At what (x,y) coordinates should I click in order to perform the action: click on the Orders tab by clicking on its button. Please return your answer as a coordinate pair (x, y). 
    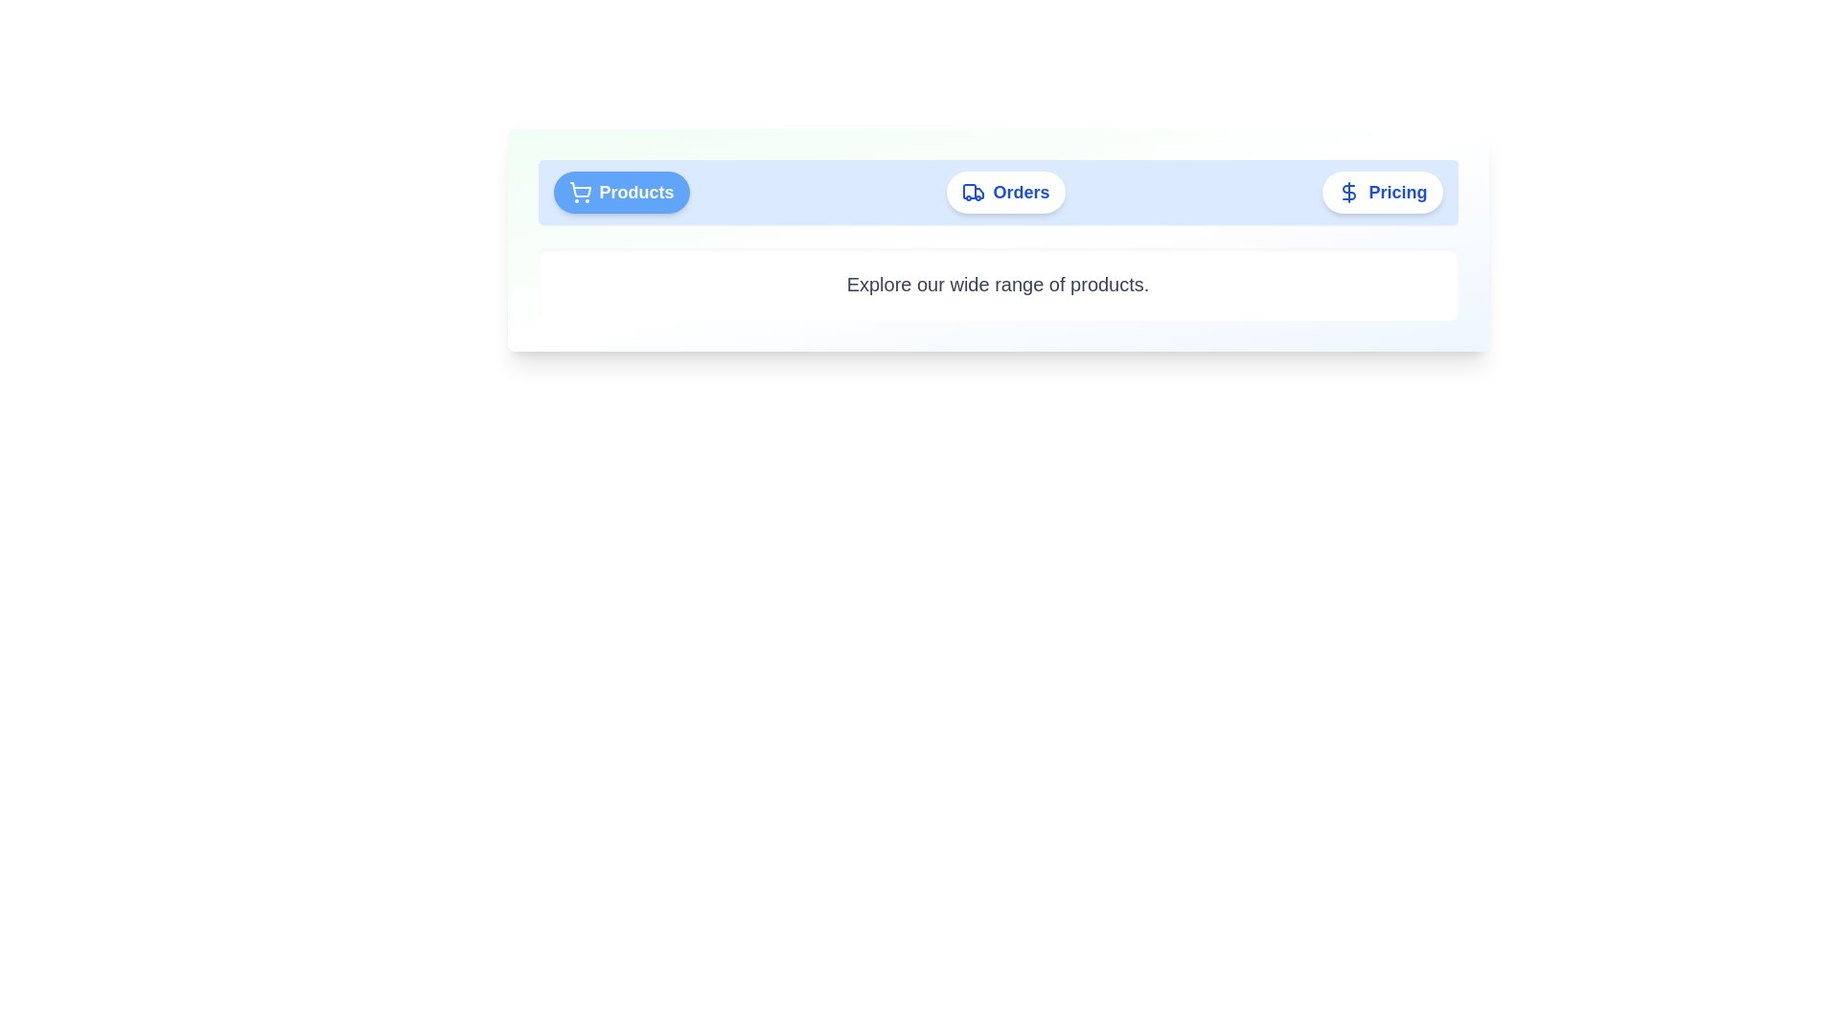
    Looking at the image, I should click on (1005, 192).